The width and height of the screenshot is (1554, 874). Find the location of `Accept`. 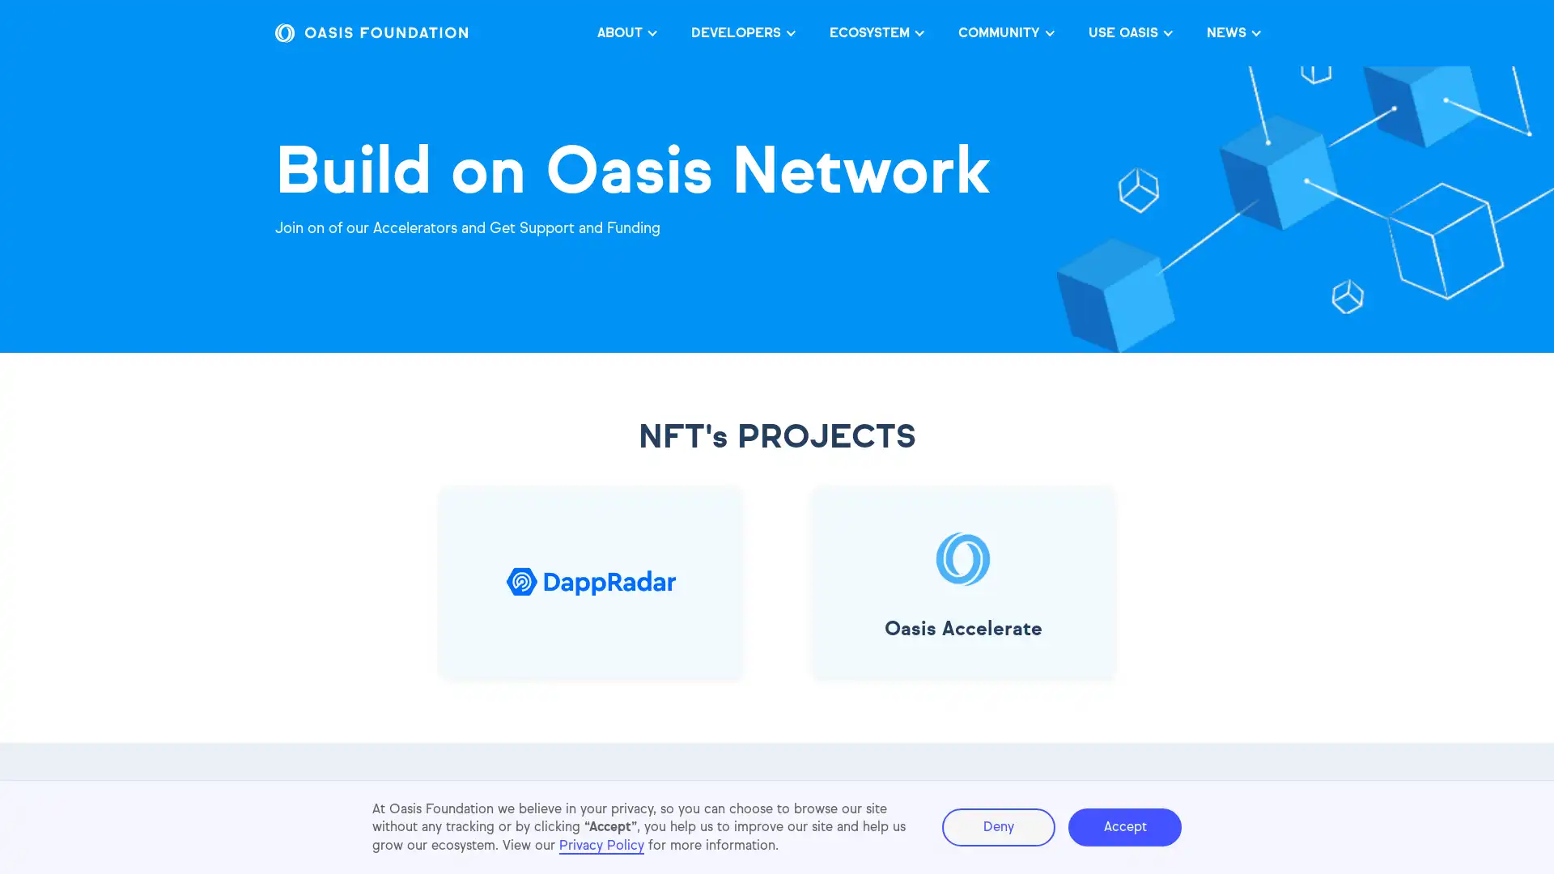

Accept is located at coordinates (1124, 827).